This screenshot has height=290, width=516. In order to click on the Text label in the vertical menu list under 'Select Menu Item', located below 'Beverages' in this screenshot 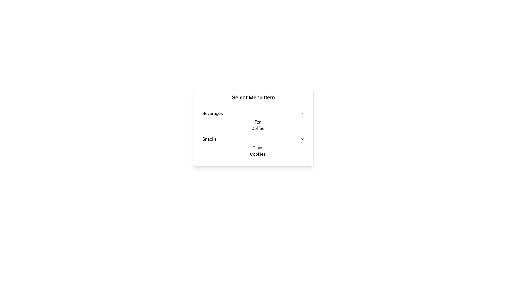, I will do `click(209, 139)`.